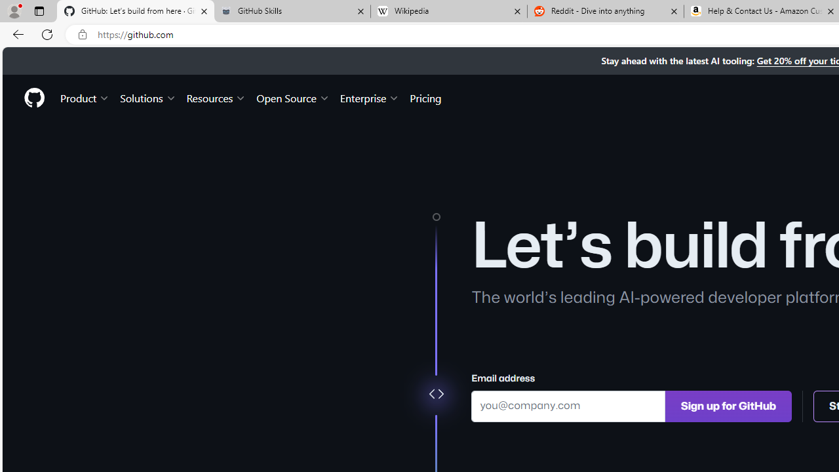 Image resolution: width=839 pixels, height=472 pixels. Describe the element at coordinates (85, 97) in the screenshot. I see `'Product'` at that location.